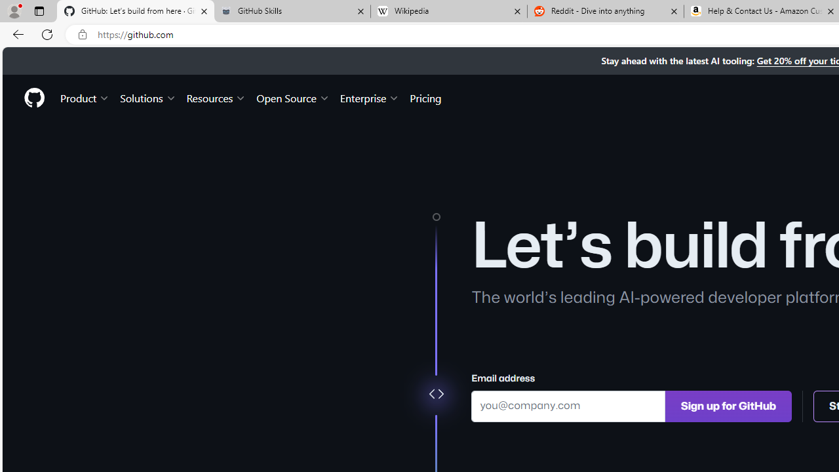 Image resolution: width=839 pixels, height=472 pixels. Describe the element at coordinates (85, 97) in the screenshot. I see `'Product'` at that location.